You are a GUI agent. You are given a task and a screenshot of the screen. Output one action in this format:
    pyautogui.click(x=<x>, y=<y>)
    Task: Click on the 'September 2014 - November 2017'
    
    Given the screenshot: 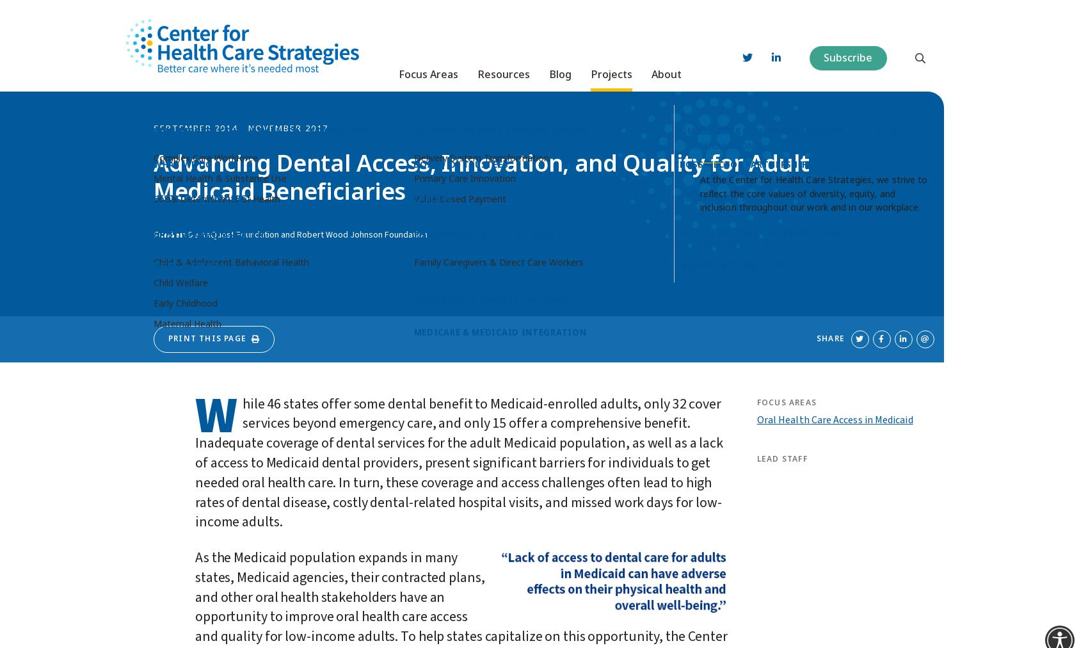 What is the action you would take?
    pyautogui.click(x=240, y=127)
    